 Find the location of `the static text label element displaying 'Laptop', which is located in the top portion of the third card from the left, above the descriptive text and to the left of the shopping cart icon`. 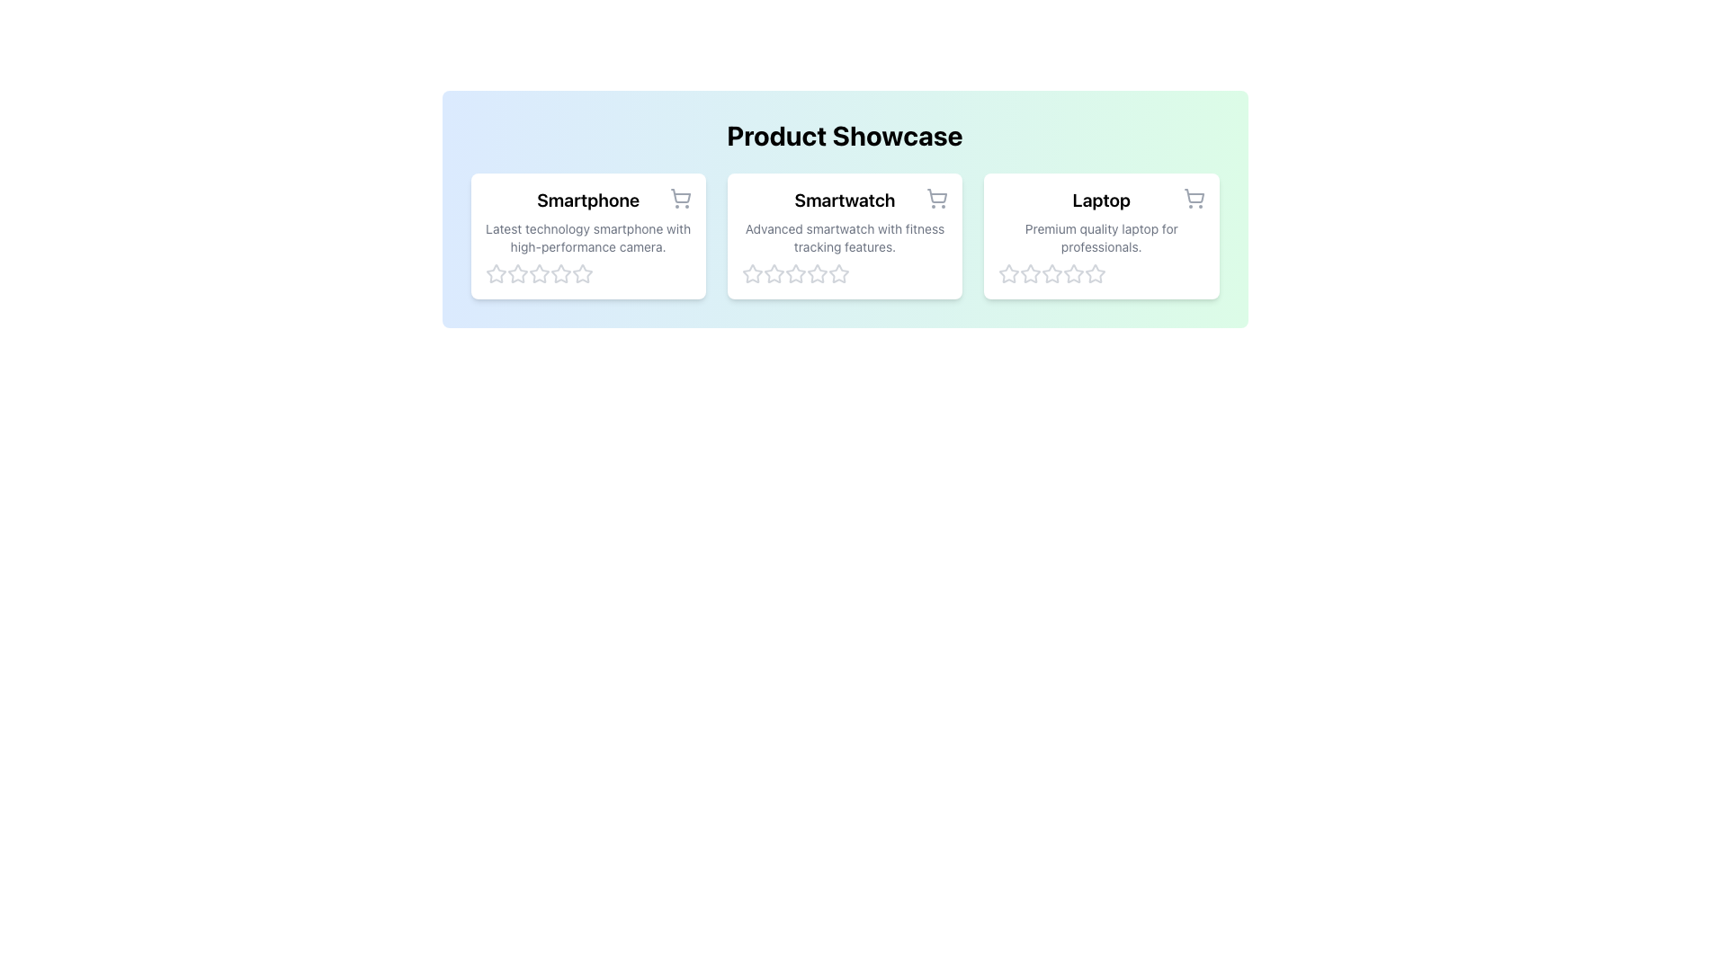

the static text label element displaying 'Laptop', which is located in the top portion of the third card from the left, above the descriptive text and to the left of the shopping cart icon is located at coordinates (1100, 200).